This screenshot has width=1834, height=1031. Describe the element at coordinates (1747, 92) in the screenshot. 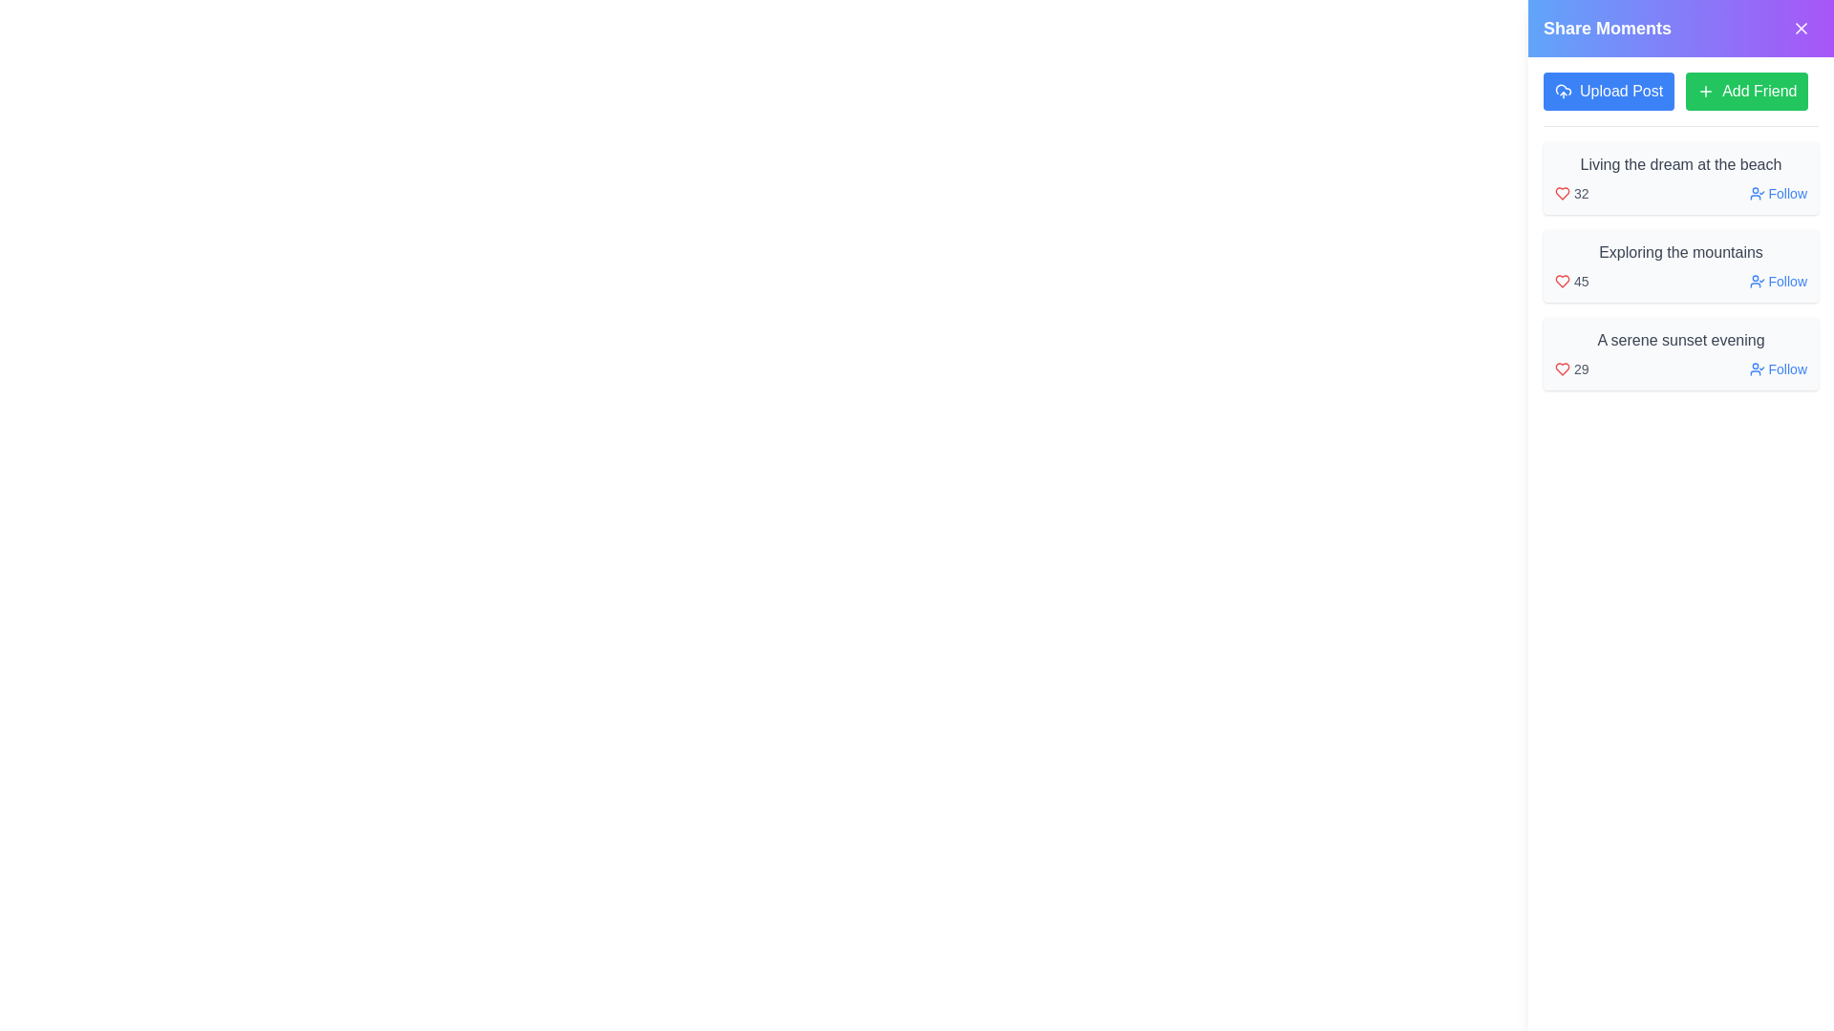

I see `the green 'Add Friend' button` at that location.